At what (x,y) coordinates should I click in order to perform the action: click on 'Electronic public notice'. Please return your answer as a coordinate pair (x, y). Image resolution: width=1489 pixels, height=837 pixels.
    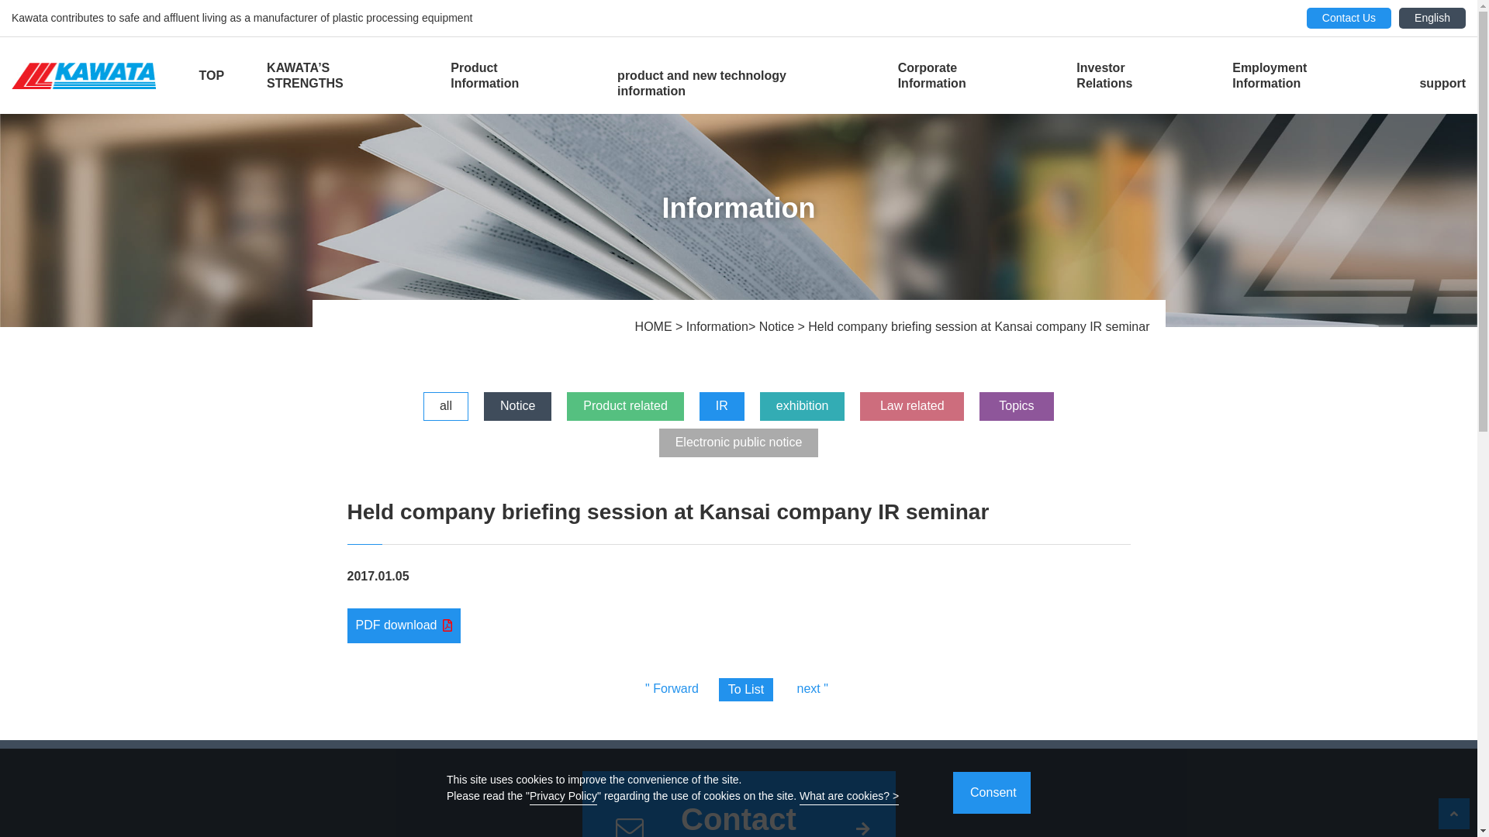
    Looking at the image, I should click on (738, 443).